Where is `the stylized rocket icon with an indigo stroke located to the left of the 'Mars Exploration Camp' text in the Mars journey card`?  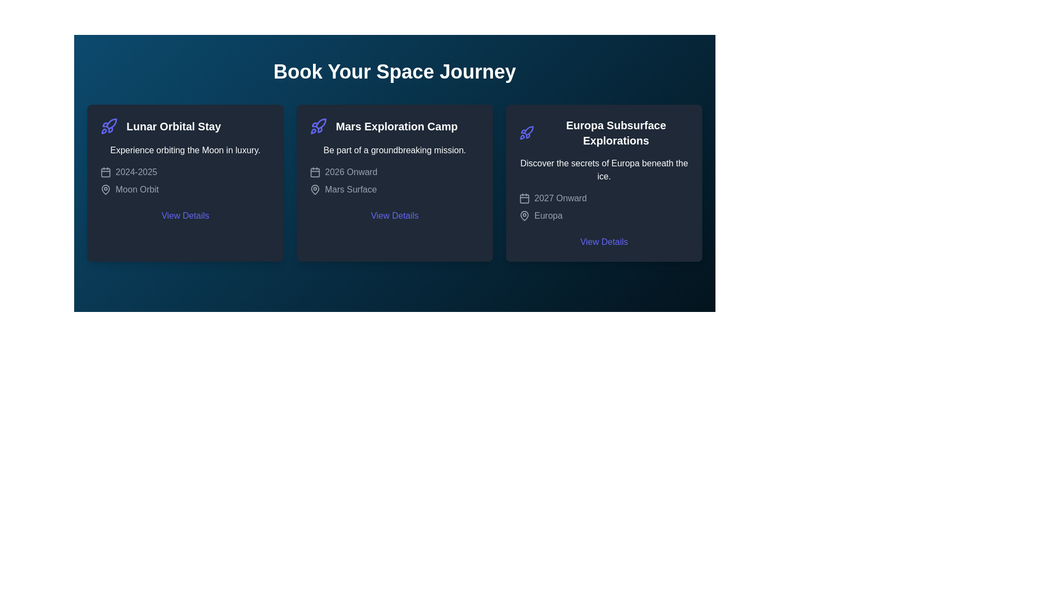 the stylized rocket icon with an indigo stroke located to the left of the 'Mars Exploration Camp' text in the Mars journey card is located at coordinates (318, 125).